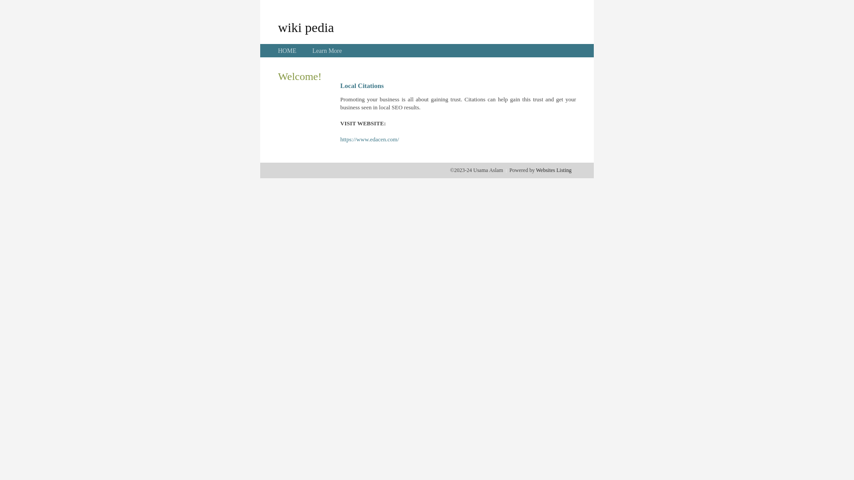  What do you see at coordinates (277, 27) in the screenshot?
I see `'wiki pedia'` at bounding box center [277, 27].